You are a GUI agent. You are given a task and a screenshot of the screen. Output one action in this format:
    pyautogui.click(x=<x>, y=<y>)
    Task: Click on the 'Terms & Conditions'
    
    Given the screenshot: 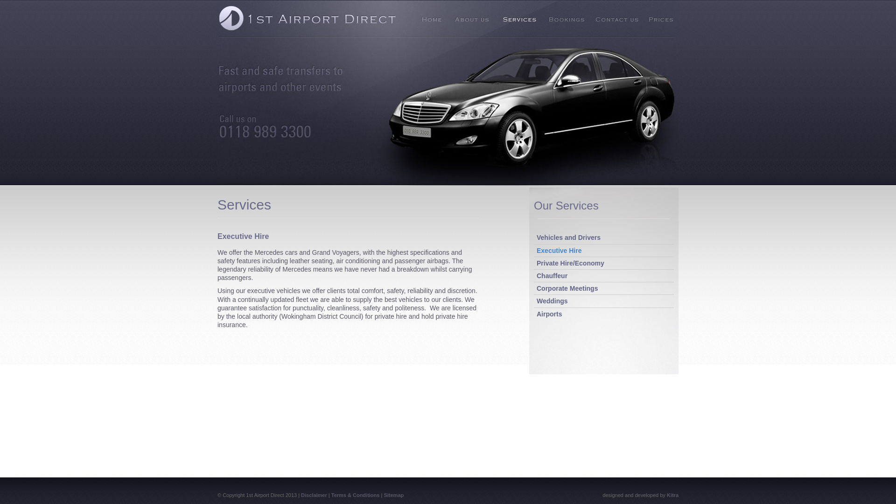 What is the action you would take?
    pyautogui.click(x=331, y=494)
    